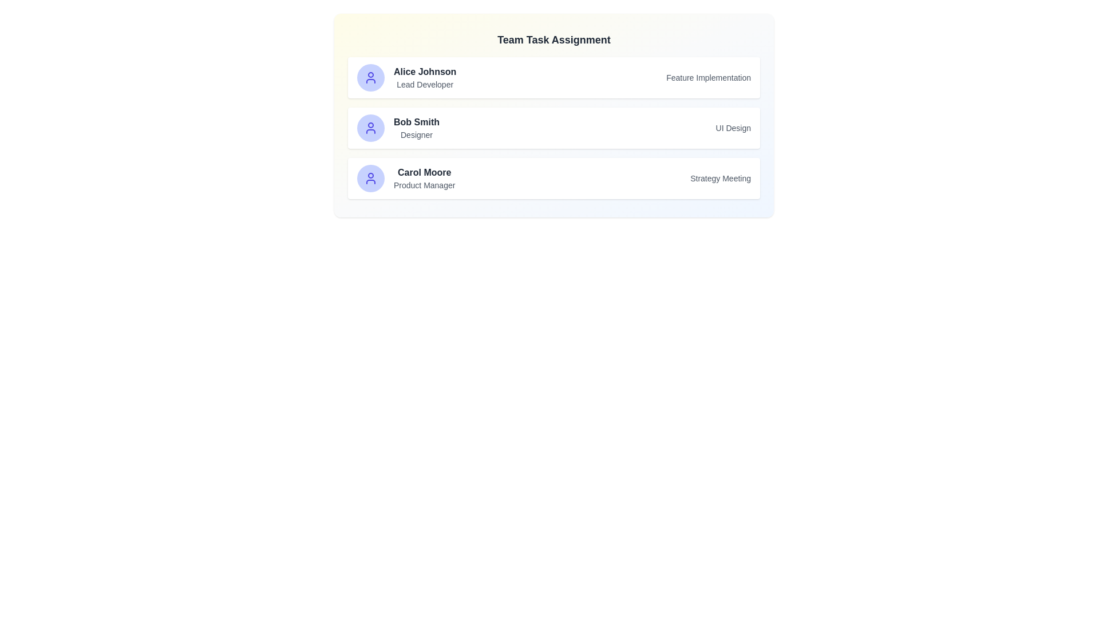 The width and height of the screenshot is (1099, 618). Describe the element at coordinates (416, 134) in the screenshot. I see `the 'Designer' text label, which is displayed in a small, light gray font and is located below 'Bob Smith' in the second block of a vertical list` at that location.